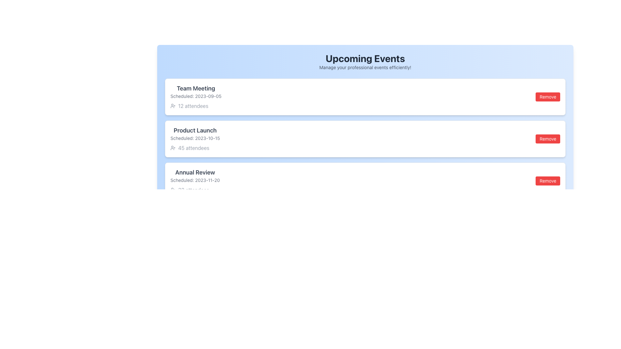 The image size is (621, 349). What do you see at coordinates (173, 105) in the screenshot?
I see `the user icon with a plus sign, which is styled in a minimalist line-art design and located to the left of the '12 attendees' text for the 'Team Meeting' event` at bounding box center [173, 105].